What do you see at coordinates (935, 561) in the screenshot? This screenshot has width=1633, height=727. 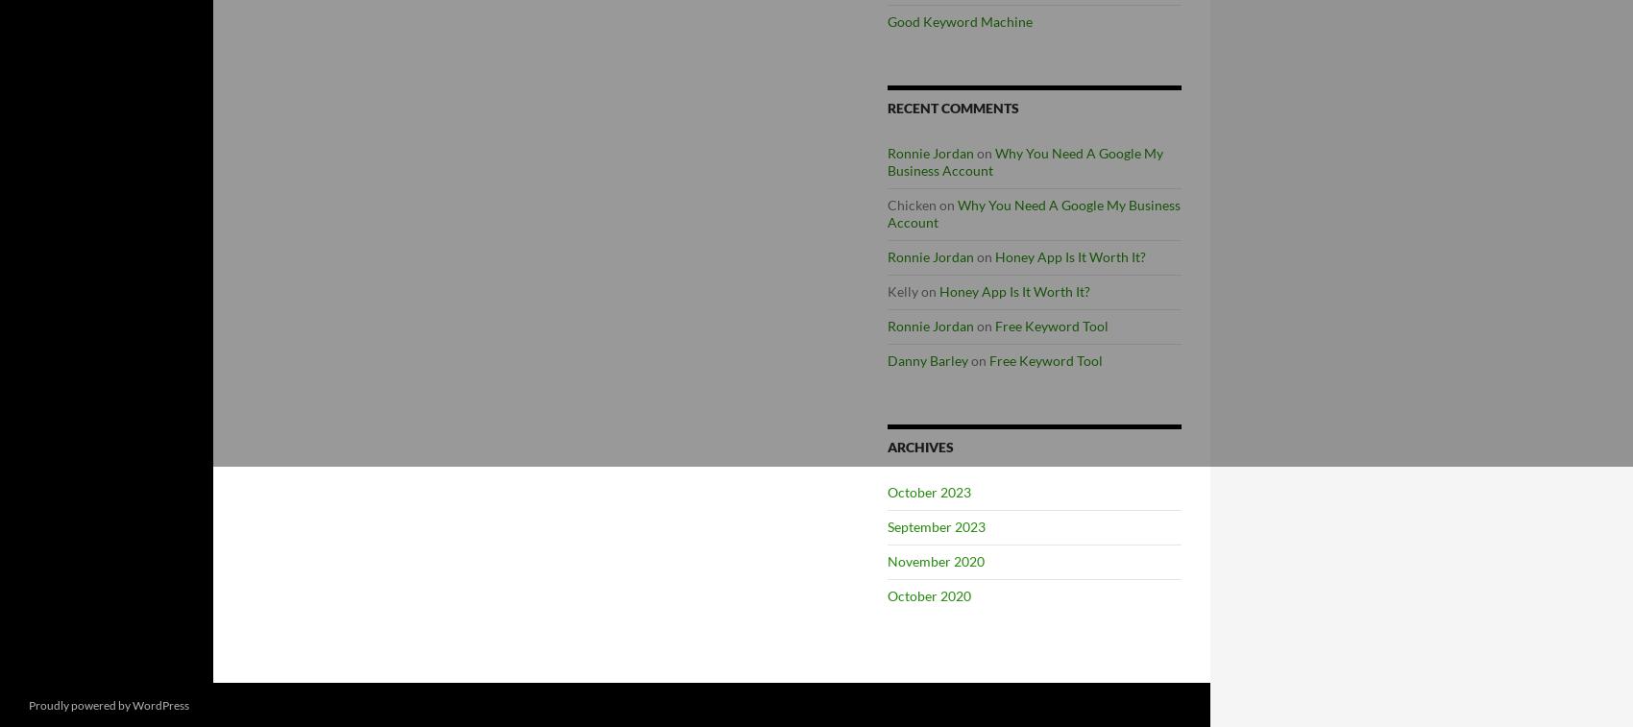 I see `'November 2020'` at bounding box center [935, 561].